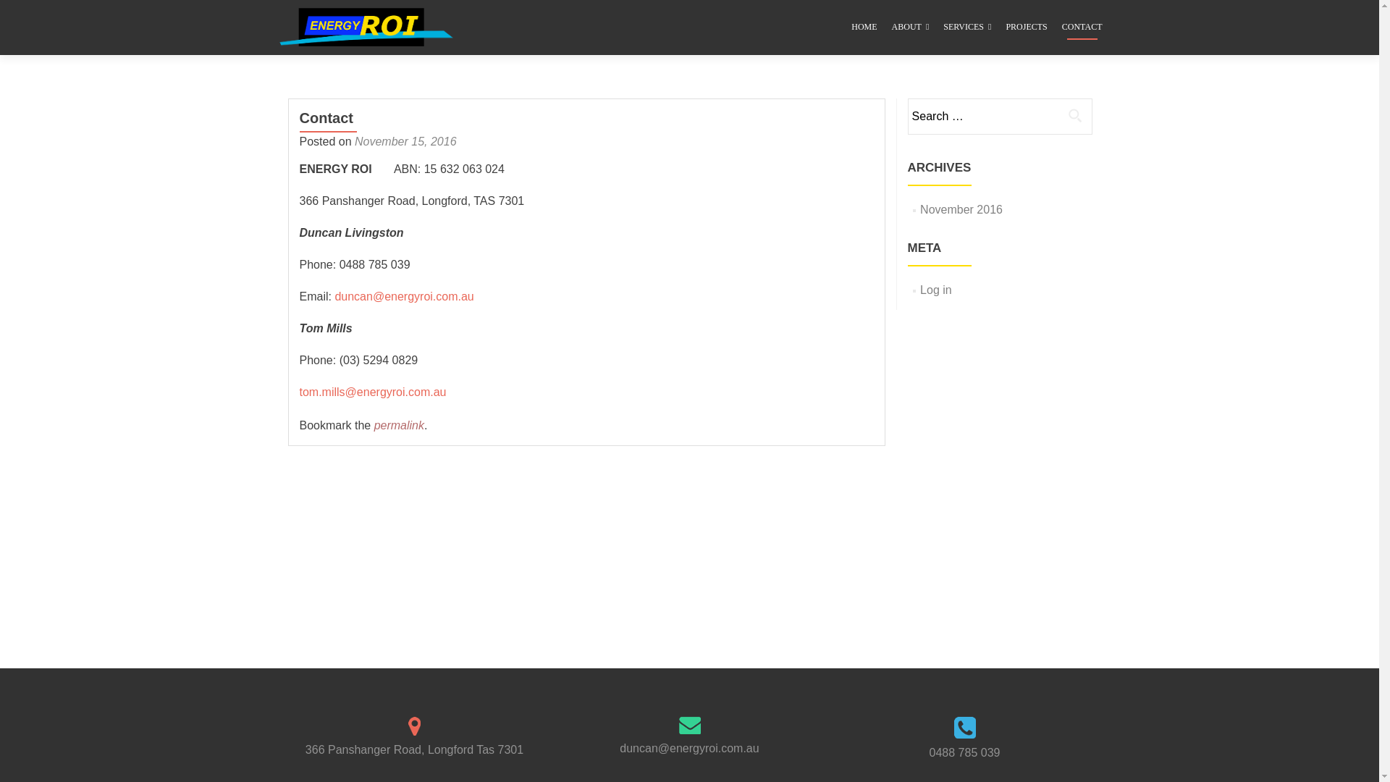 This screenshot has width=1390, height=782. What do you see at coordinates (1004, 27) in the screenshot?
I see `'PROJECTS'` at bounding box center [1004, 27].